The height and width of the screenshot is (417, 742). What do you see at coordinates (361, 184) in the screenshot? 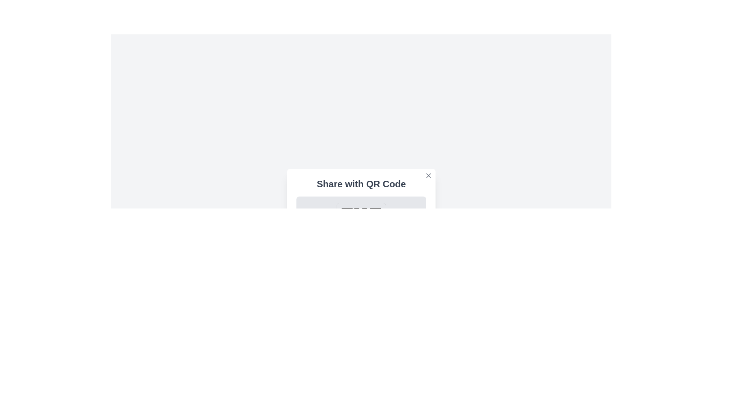
I see `title text indicating the purpose of the modal related to sharing via QR code, which is the first visible text line within the modal box located below the close button and above the QR code area` at bounding box center [361, 184].